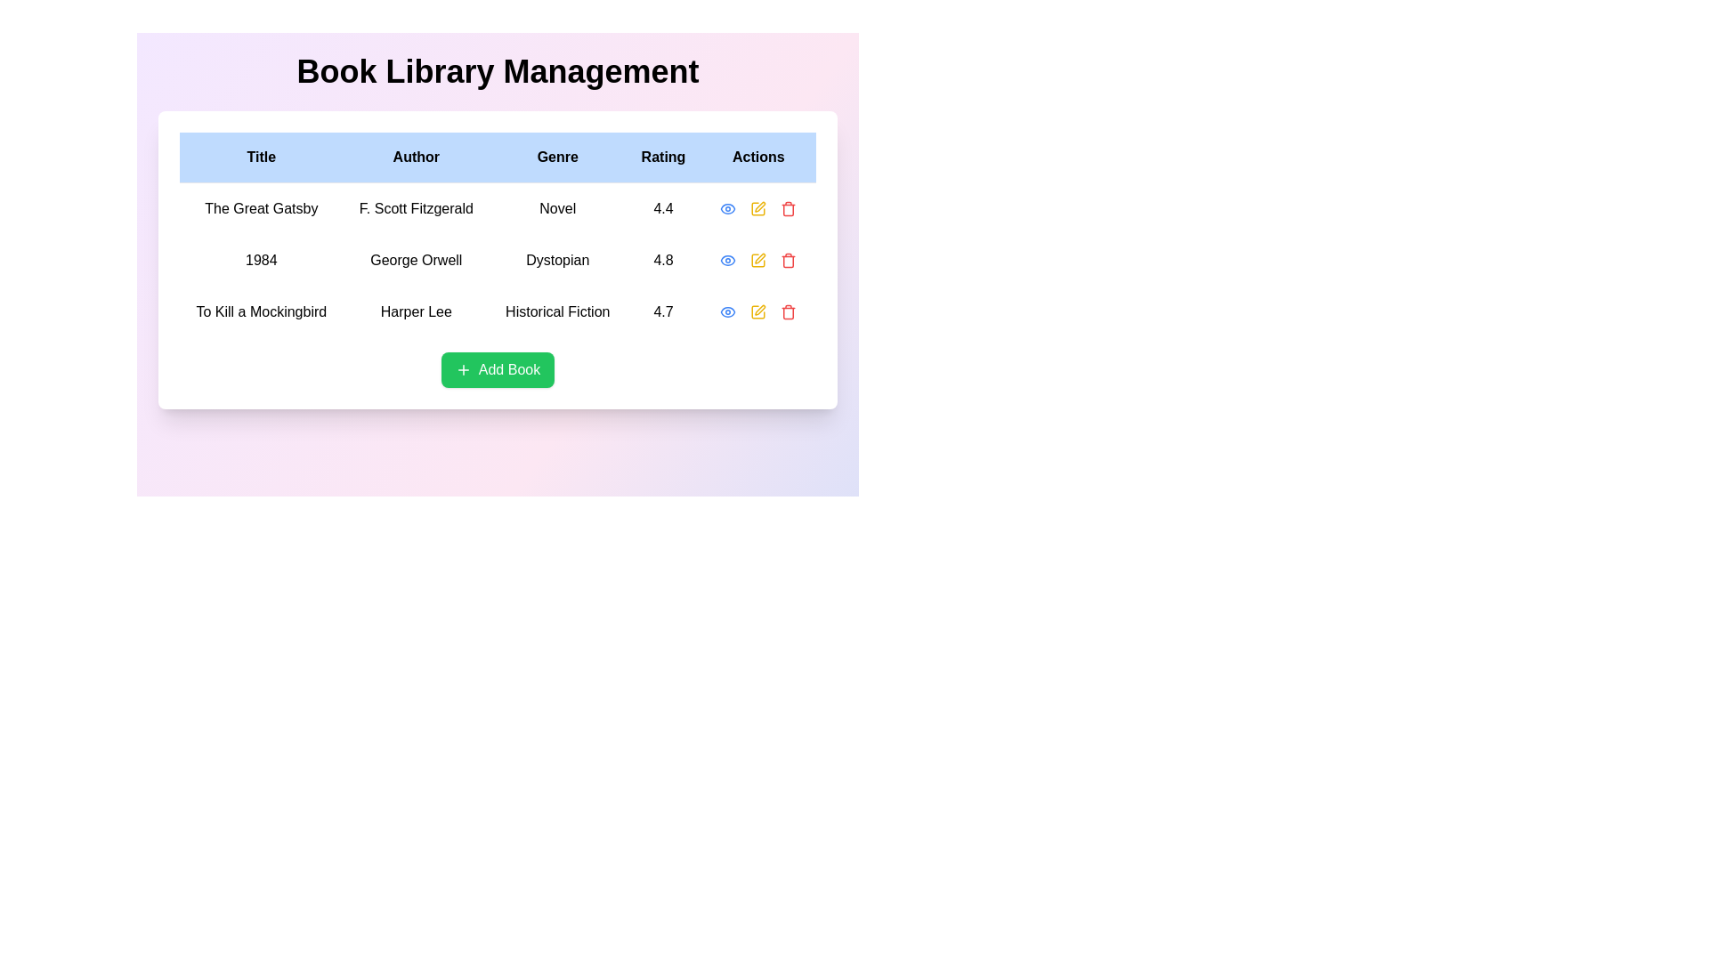  Describe the element at coordinates (498, 369) in the screenshot. I see `the 'Add New Book' button located at the bottom center of the interface` at that location.